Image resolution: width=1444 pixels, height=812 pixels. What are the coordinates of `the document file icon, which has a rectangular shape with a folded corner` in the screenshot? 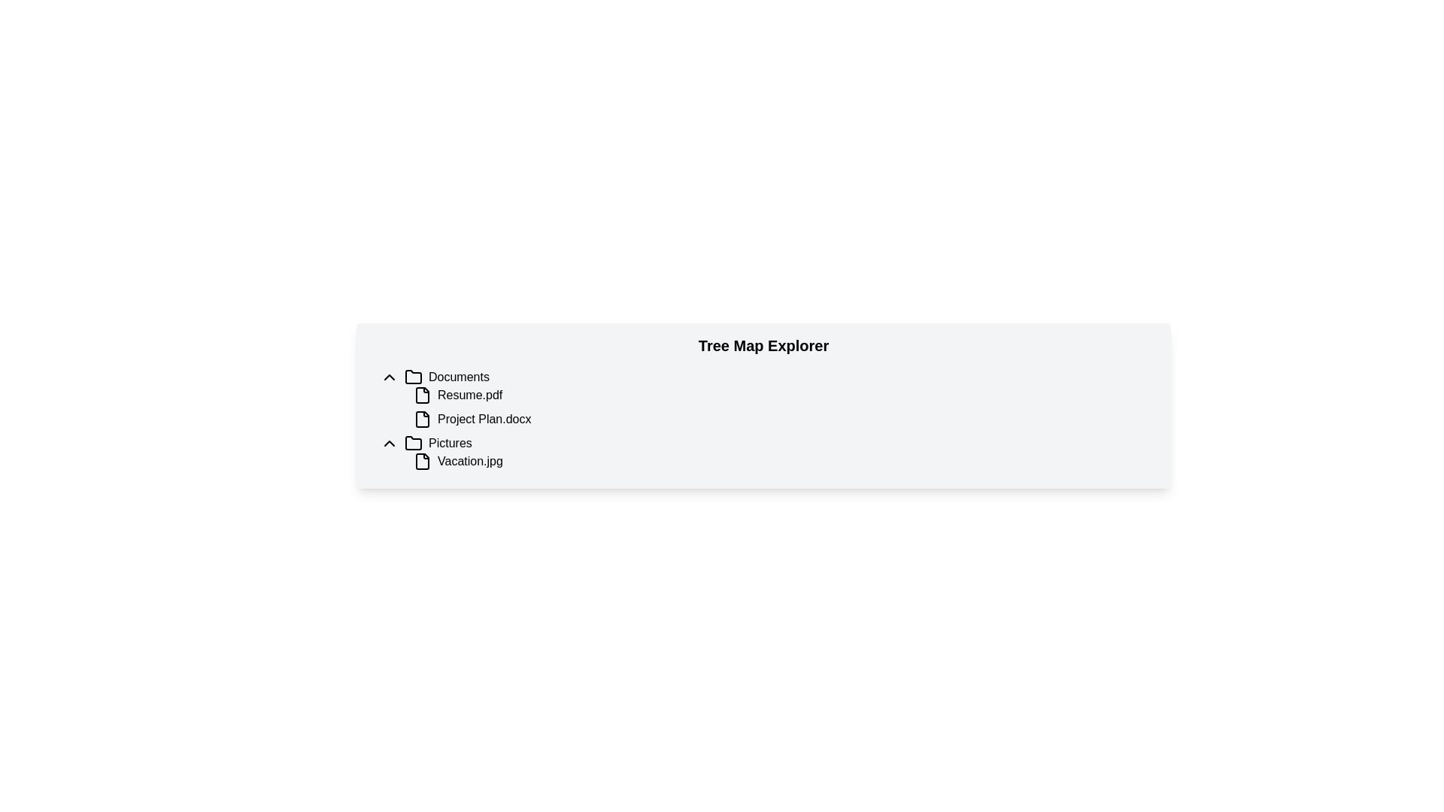 It's located at (421, 460).